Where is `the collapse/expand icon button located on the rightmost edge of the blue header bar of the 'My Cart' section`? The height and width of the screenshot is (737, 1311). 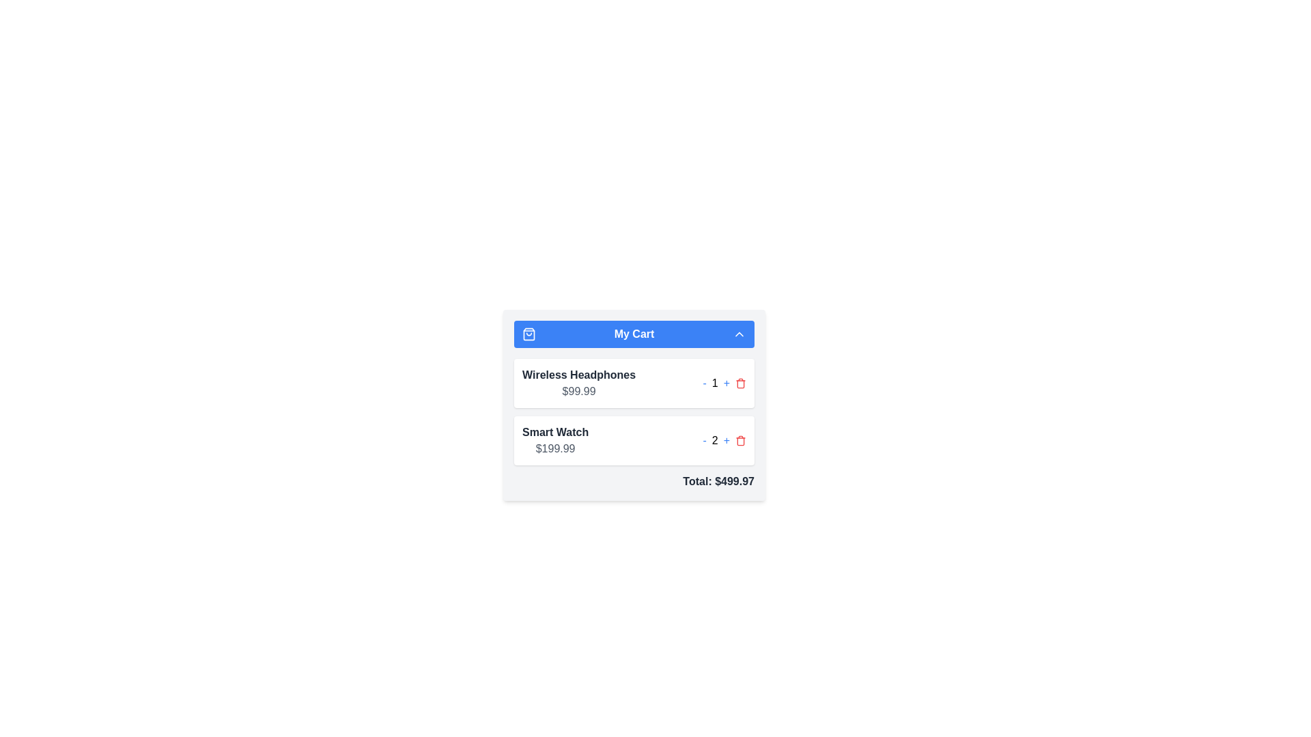 the collapse/expand icon button located on the rightmost edge of the blue header bar of the 'My Cart' section is located at coordinates (739, 334).